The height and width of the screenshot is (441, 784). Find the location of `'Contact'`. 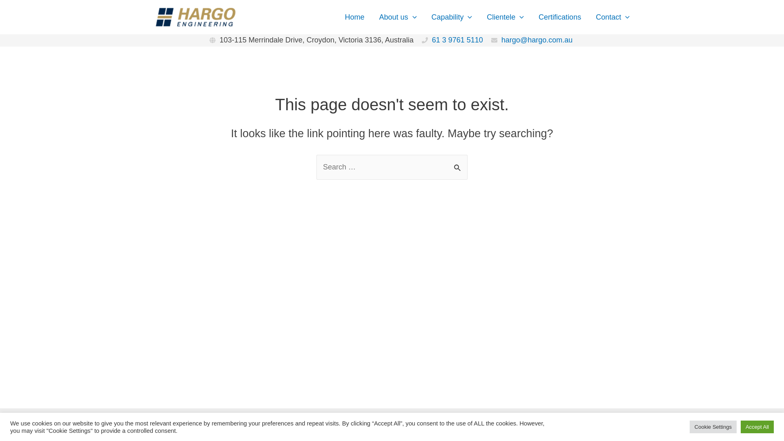

'Contact' is located at coordinates (612, 17).